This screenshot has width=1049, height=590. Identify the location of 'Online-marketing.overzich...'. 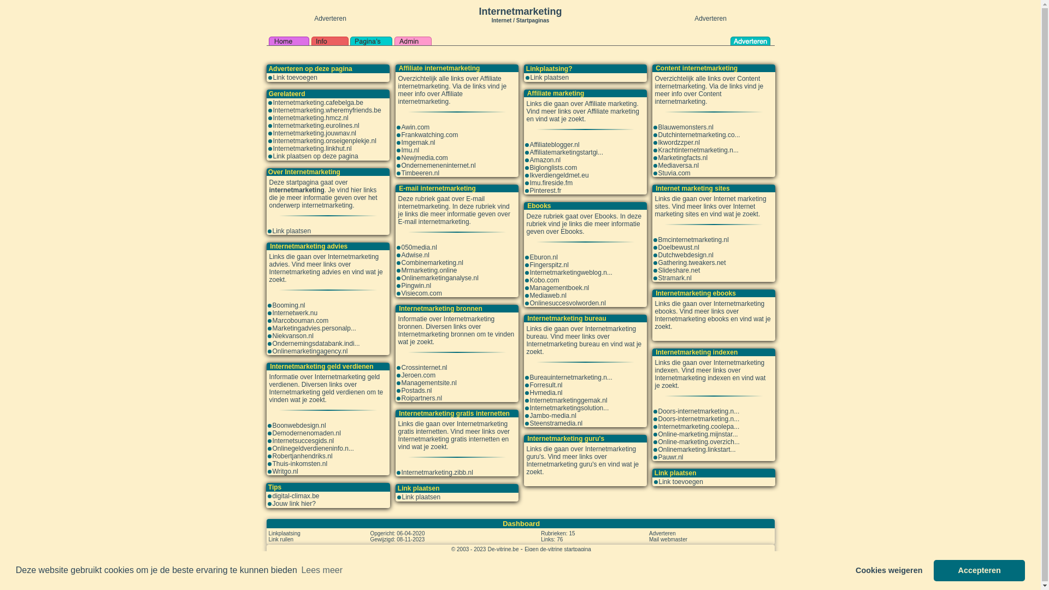
(698, 441).